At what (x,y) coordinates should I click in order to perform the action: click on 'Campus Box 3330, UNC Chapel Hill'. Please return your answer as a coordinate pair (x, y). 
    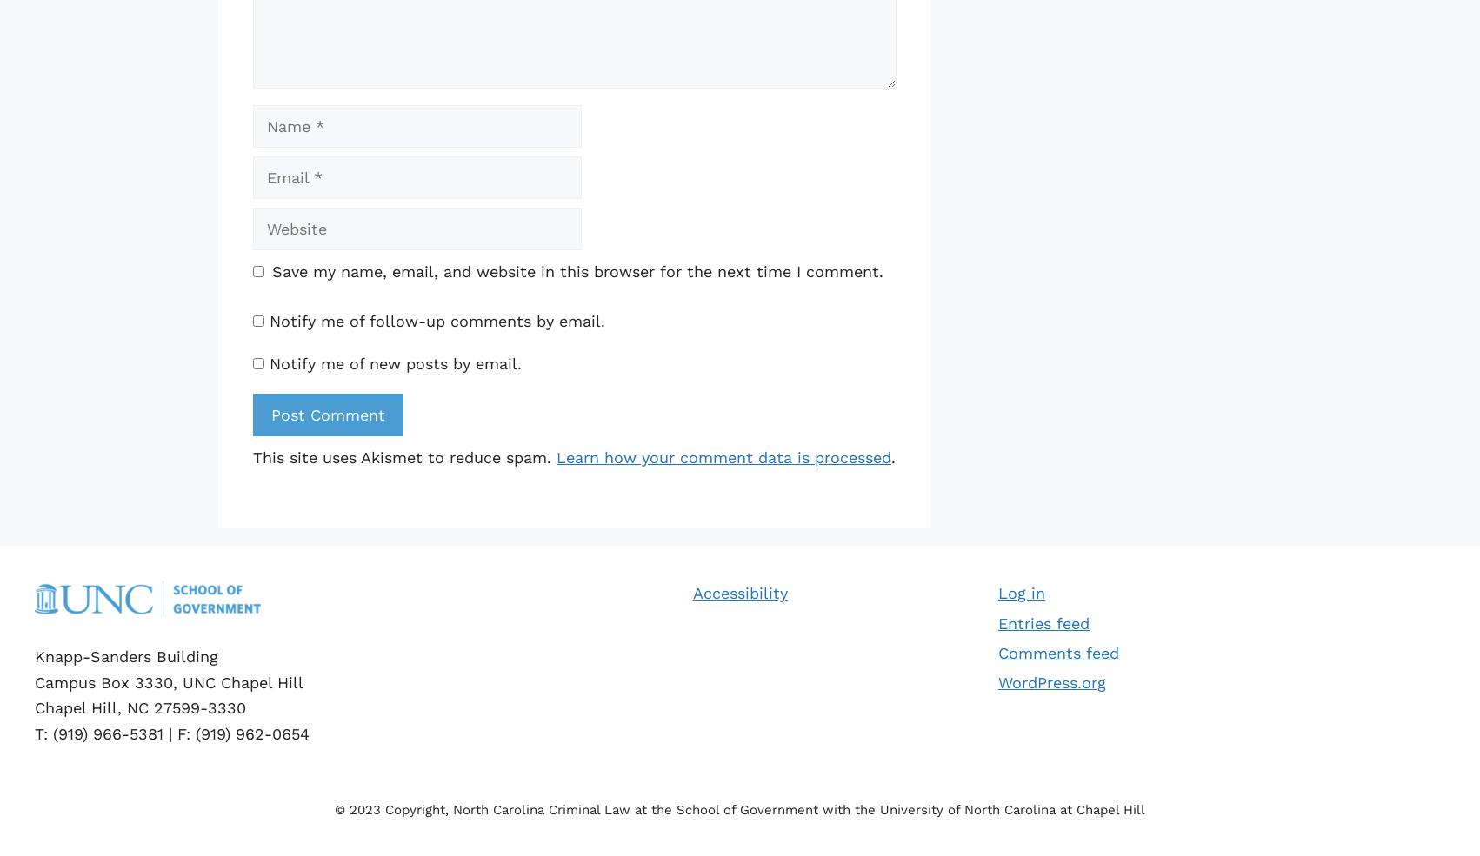
    Looking at the image, I should click on (168, 681).